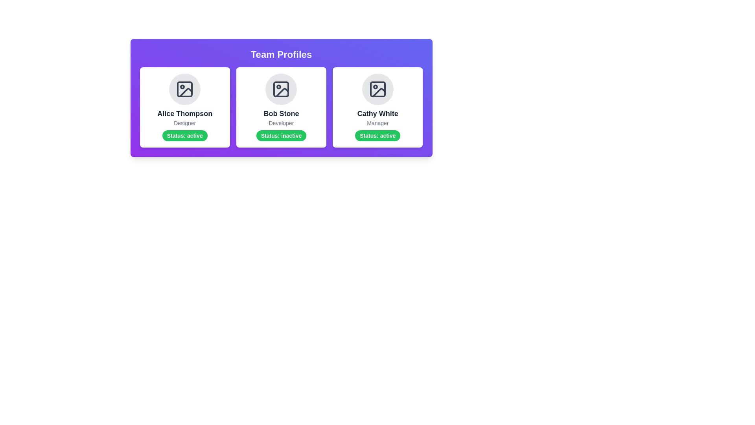 The image size is (755, 425). I want to click on the pill-shaped label with a green background and white text that says 'Status: active', so click(184, 135).